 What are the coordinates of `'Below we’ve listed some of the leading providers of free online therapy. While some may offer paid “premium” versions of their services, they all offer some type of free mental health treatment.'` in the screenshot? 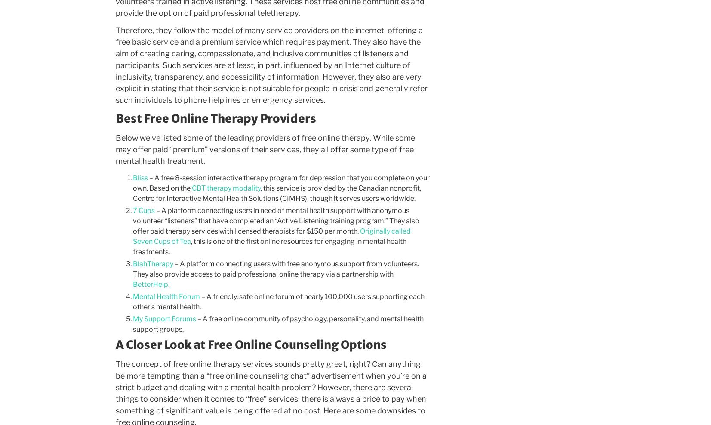 It's located at (114, 149).